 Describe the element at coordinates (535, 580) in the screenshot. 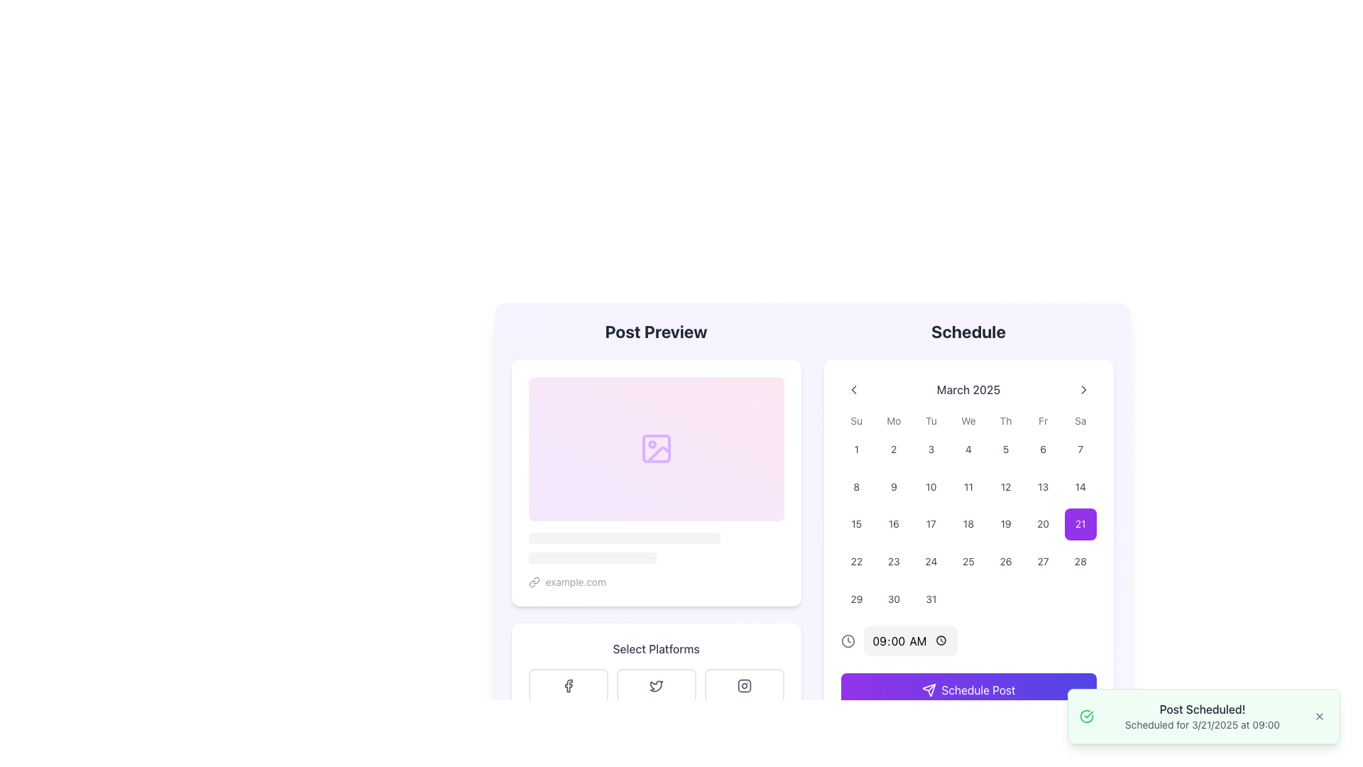

I see `the link icon in the bottom left corner of the 'Post Preview' card, which is visually represented by a chain icon, to interact with the hyperlink associated with 'example.com'` at that location.